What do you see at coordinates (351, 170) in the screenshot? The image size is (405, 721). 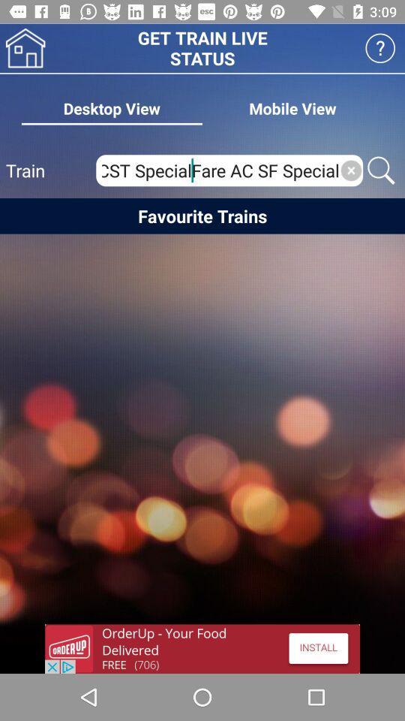 I see `clear text box` at bounding box center [351, 170].